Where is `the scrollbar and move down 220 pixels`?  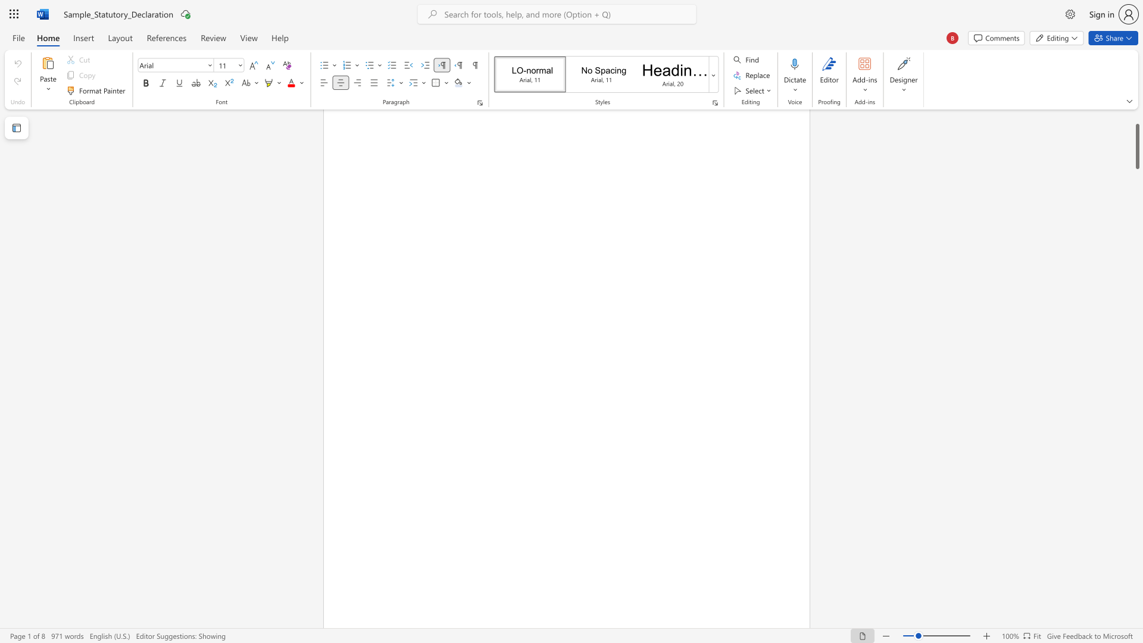
the scrollbar and move down 220 pixels is located at coordinates (1136, 146).